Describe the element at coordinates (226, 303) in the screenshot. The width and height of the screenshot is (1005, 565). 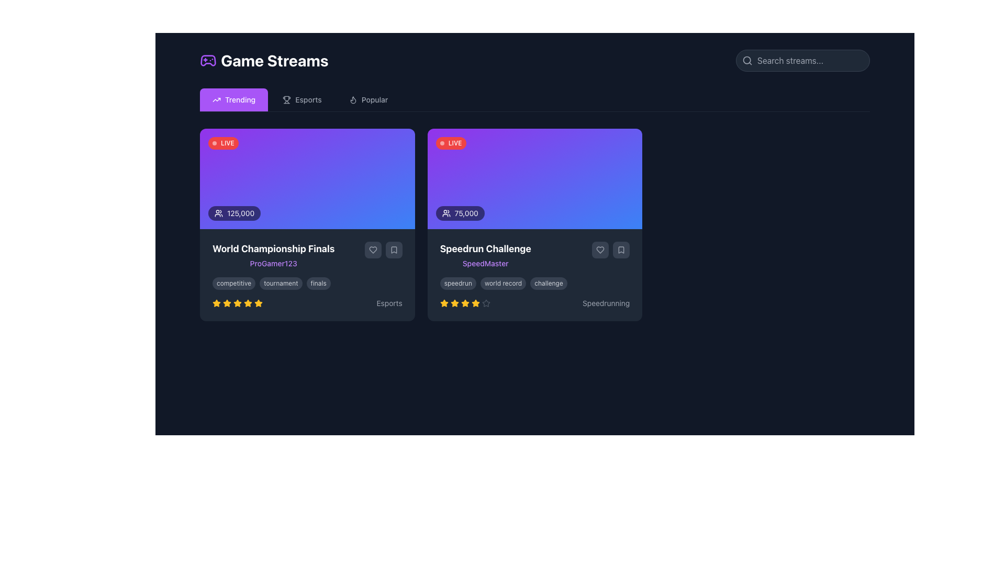
I see `the first star icon in the rating display for the card titled 'World Championship Finals' by 'ProGamer123'` at that location.